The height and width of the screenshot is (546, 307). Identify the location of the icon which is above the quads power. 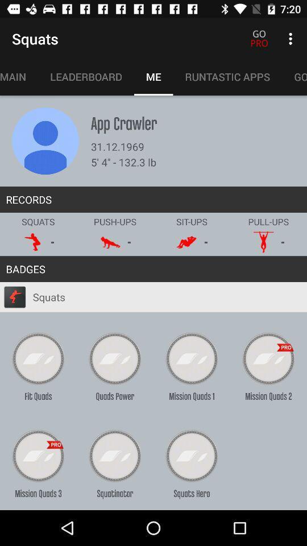
(115, 358).